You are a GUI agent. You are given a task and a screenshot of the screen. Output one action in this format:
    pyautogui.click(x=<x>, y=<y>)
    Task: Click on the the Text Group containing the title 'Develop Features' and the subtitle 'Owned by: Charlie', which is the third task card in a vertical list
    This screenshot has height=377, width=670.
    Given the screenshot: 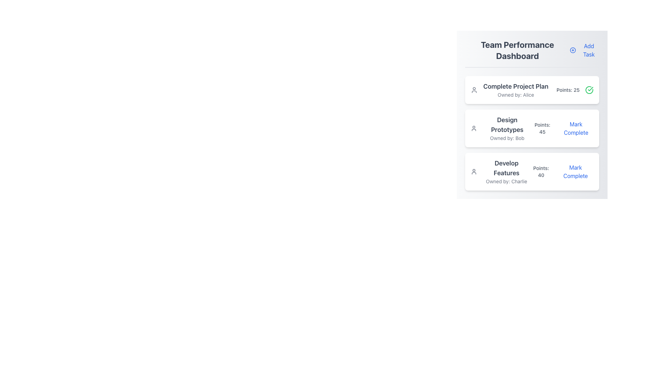 What is the action you would take?
    pyautogui.click(x=506, y=172)
    